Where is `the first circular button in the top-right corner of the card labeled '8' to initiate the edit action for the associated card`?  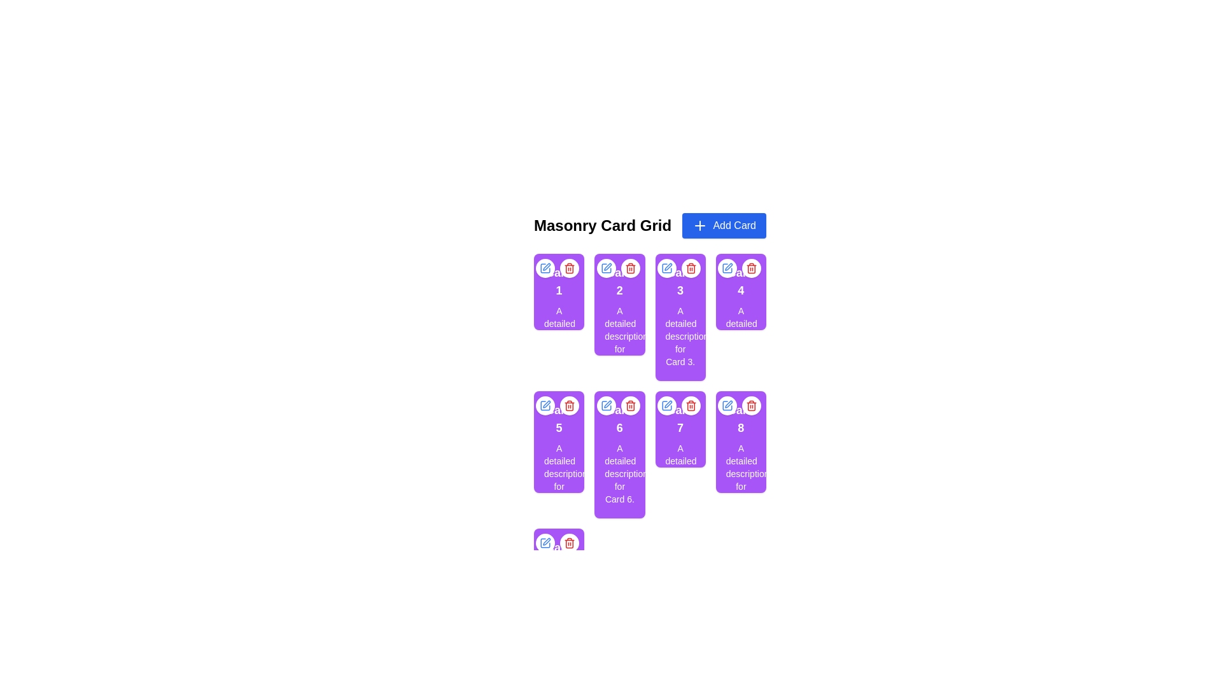 the first circular button in the top-right corner of the card labeled '8' to initiate the edit action for the associated card is located at coordinates (727, 405).